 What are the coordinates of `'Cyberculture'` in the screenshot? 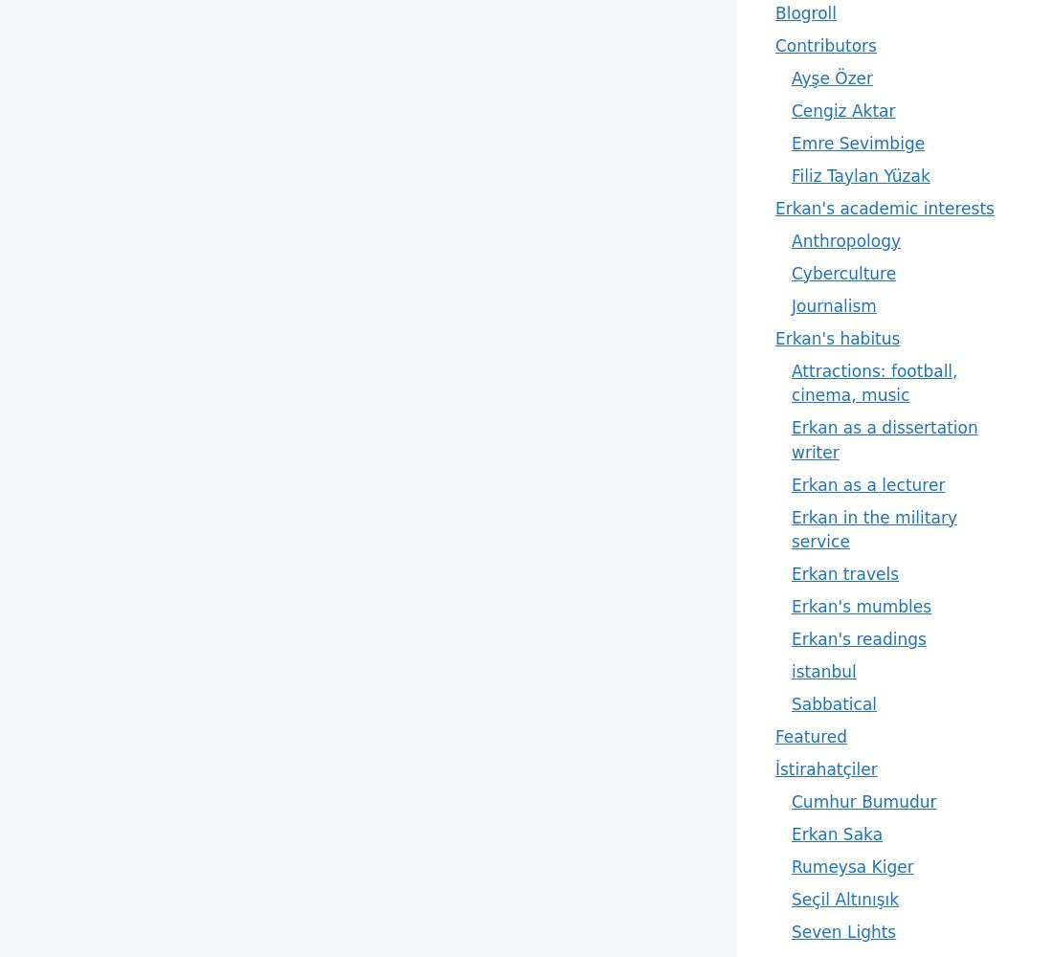 It's located at (842, 273).